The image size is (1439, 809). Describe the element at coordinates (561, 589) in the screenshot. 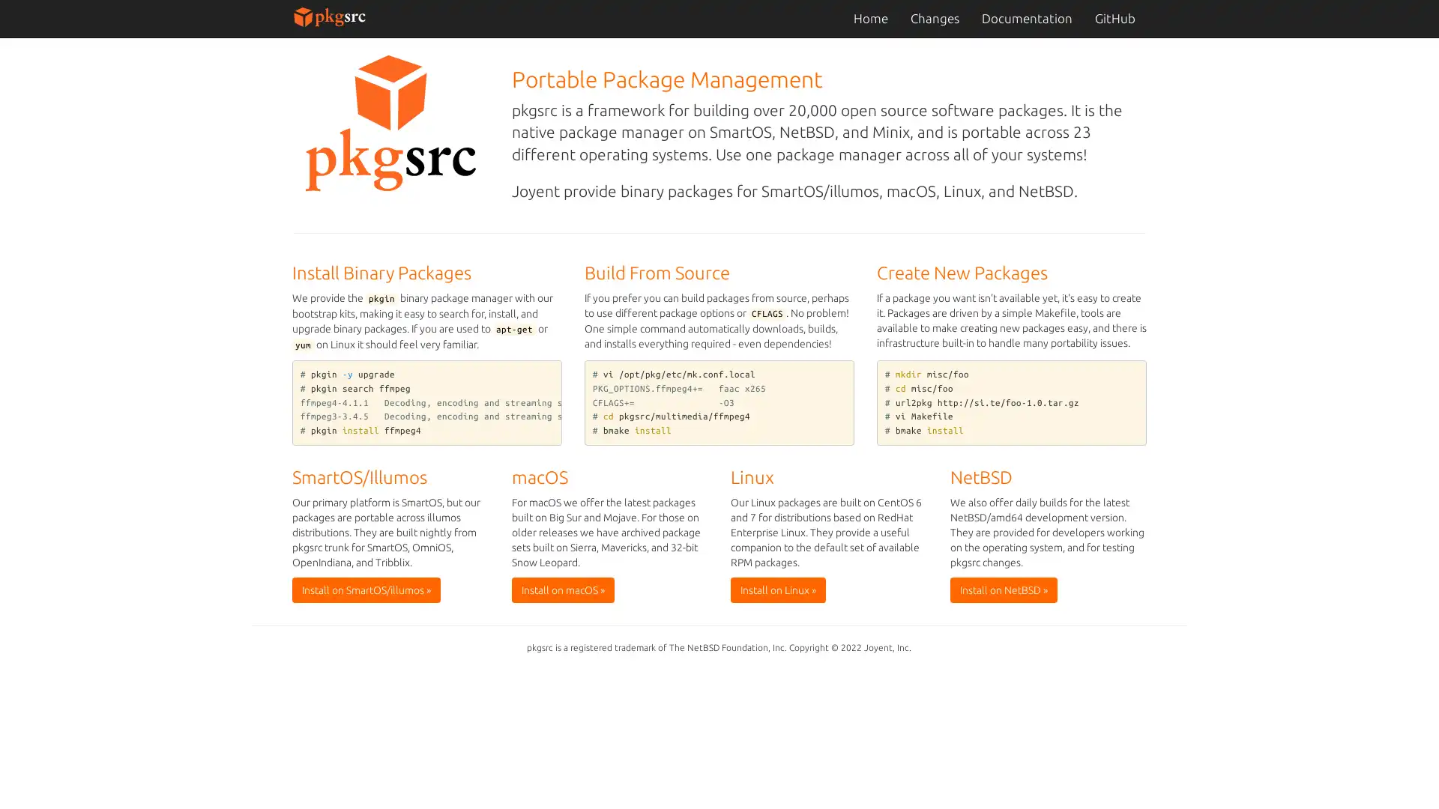

I see `Install on macOS` at that location.